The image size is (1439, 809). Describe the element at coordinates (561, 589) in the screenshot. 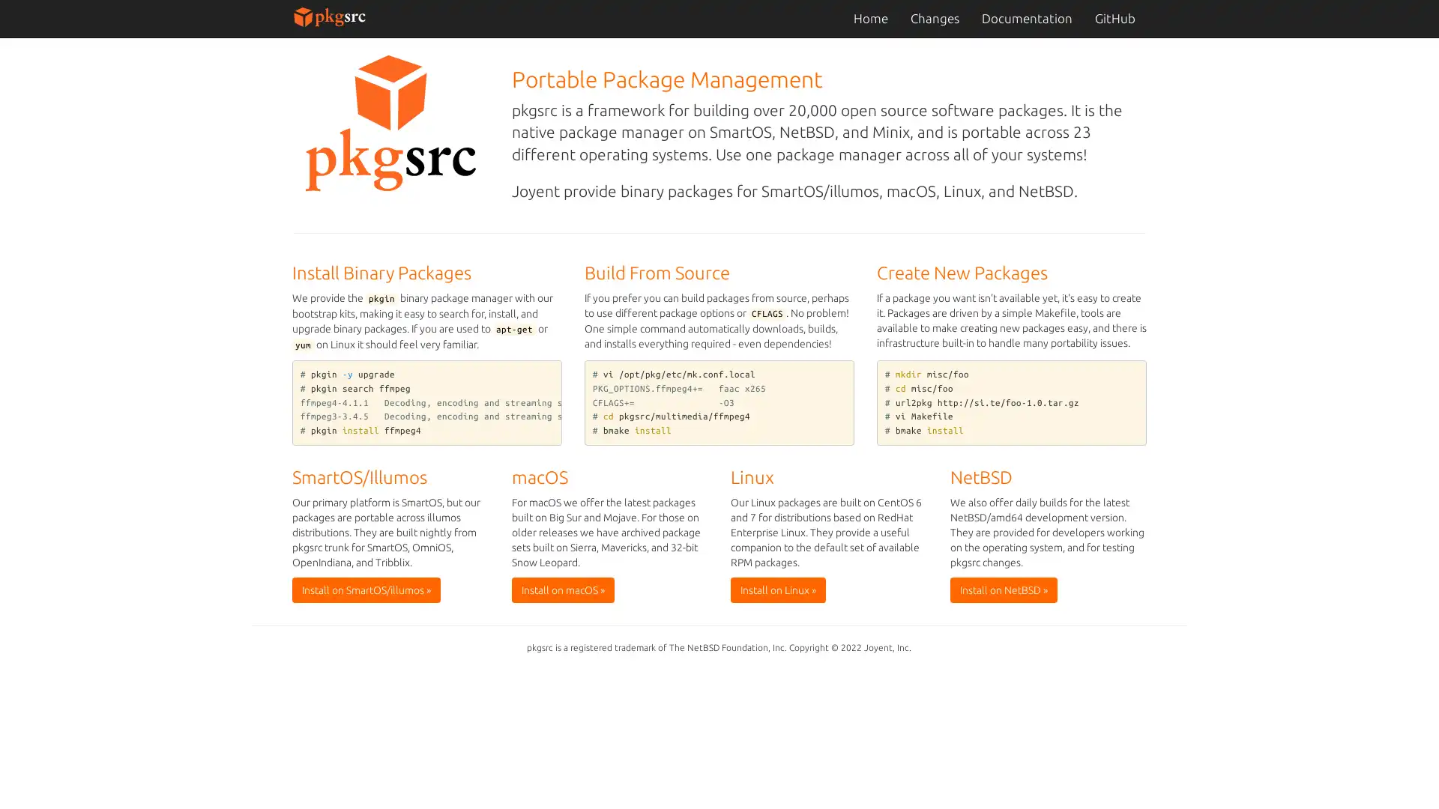

I see `Install on macOS` at that location.